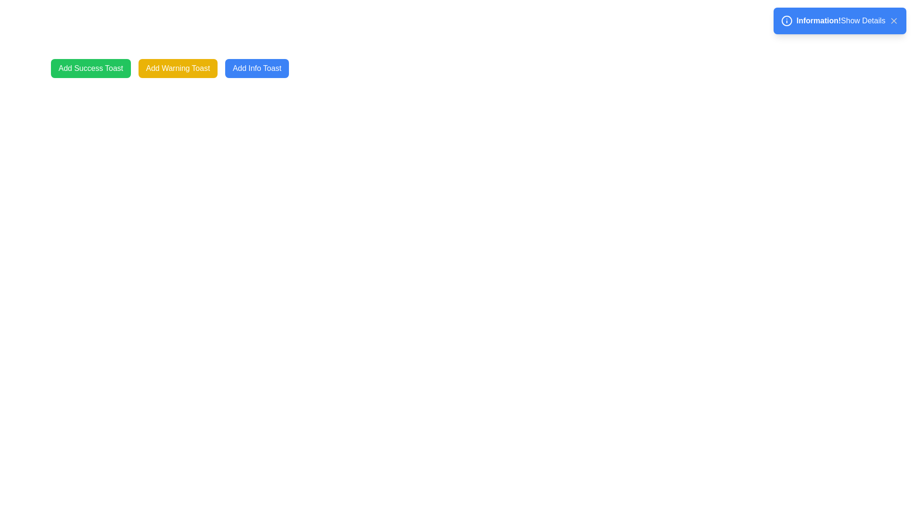 This screenshot has width=914, height=514. I want to click on the close button located at the far-right side of the blue notification bar, so click(893, 20).